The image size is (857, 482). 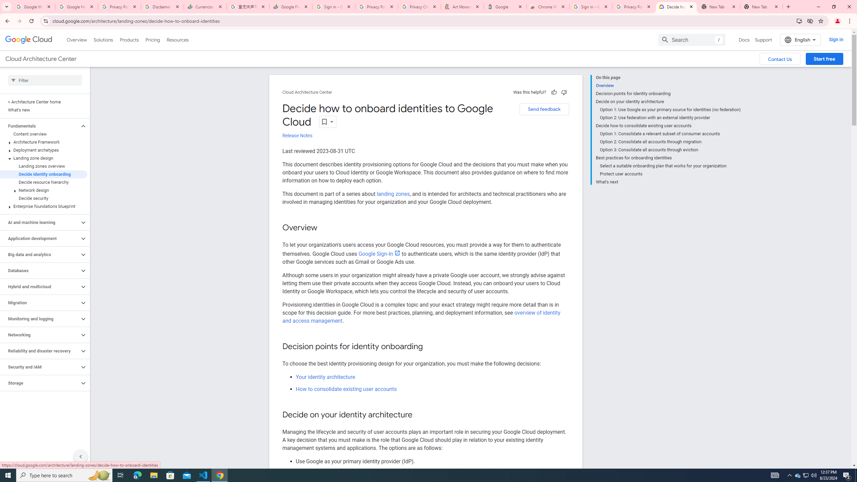 I want to click on 'Resources', so click(x=177, y=39).